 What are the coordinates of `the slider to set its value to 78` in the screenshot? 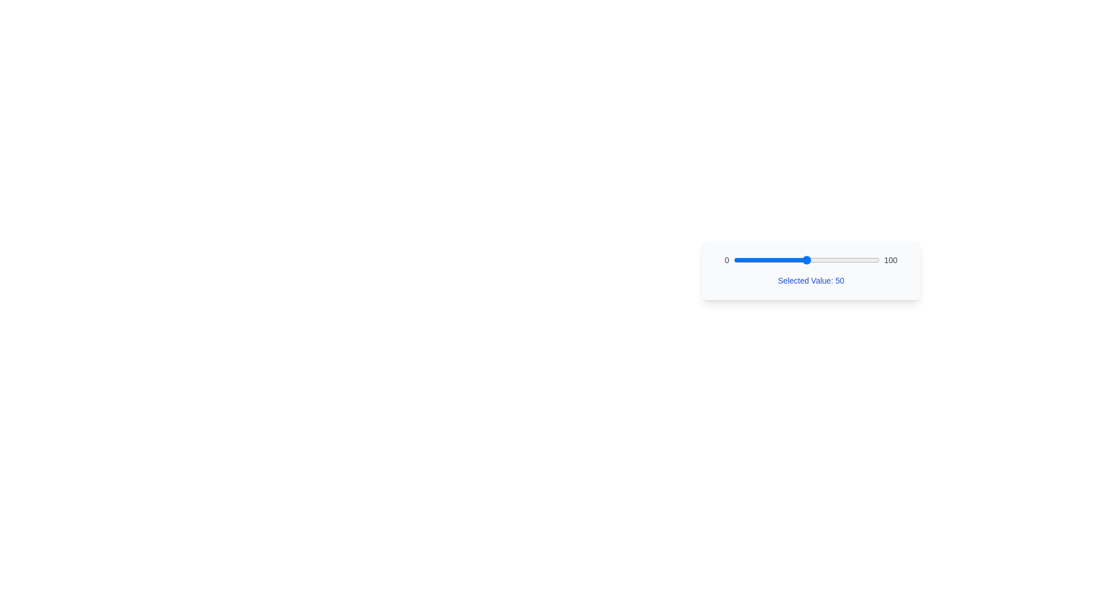 It's located at (847, 260).